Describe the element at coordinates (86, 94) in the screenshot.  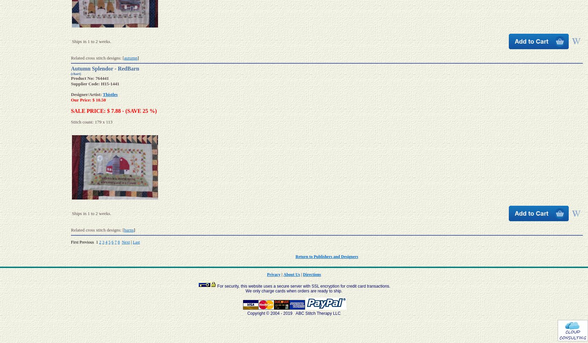
I see `'Designer/Artist:'` at that location.